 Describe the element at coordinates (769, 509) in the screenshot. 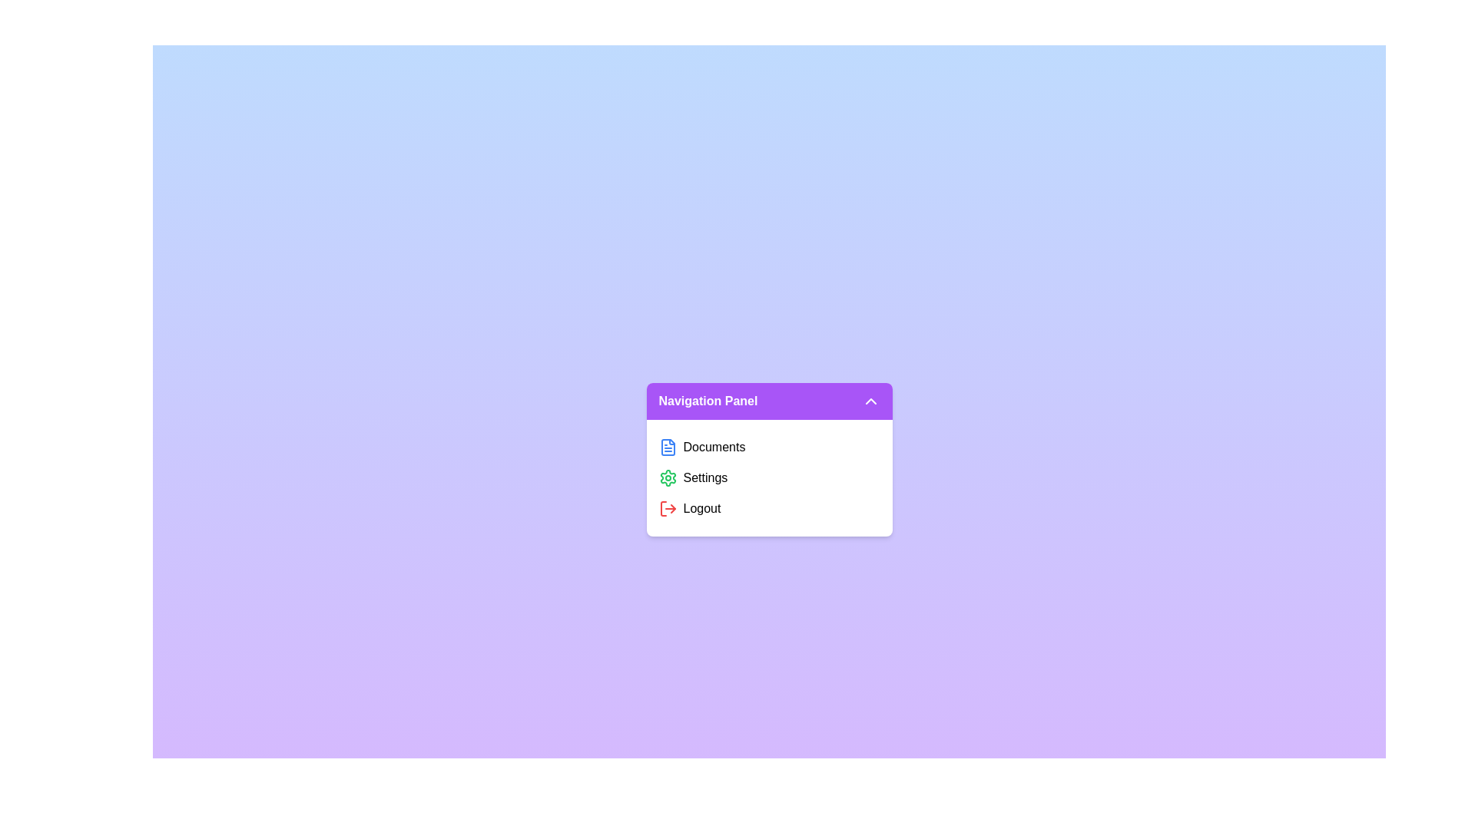

I see `'Logout' button` at that location.